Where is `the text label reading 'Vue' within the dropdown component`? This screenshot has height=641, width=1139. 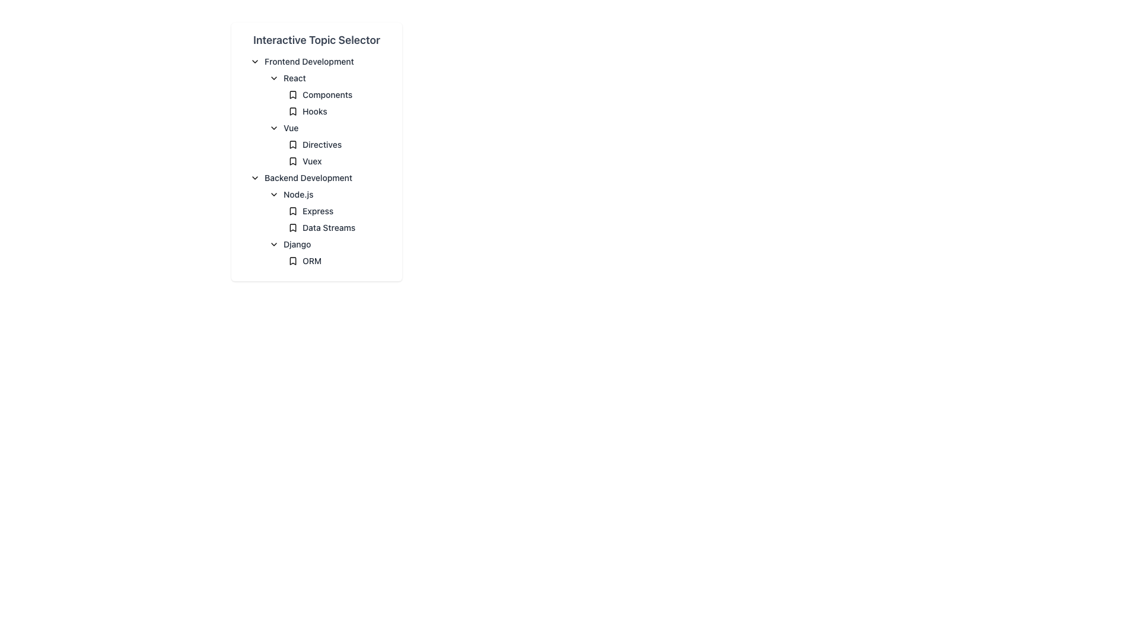
the text label reading 'Vue' within the dropdown component is located at coordinates (291, 128).